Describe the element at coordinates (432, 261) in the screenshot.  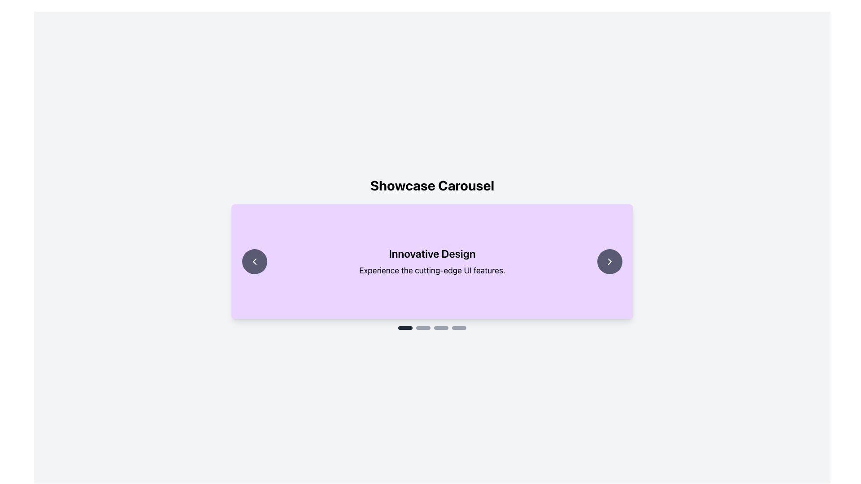
I see `text content from the informational display section with the bold heading 'Innovative Design' and descriptive text 'Experience the cutting-edge UI features.'` at that location.